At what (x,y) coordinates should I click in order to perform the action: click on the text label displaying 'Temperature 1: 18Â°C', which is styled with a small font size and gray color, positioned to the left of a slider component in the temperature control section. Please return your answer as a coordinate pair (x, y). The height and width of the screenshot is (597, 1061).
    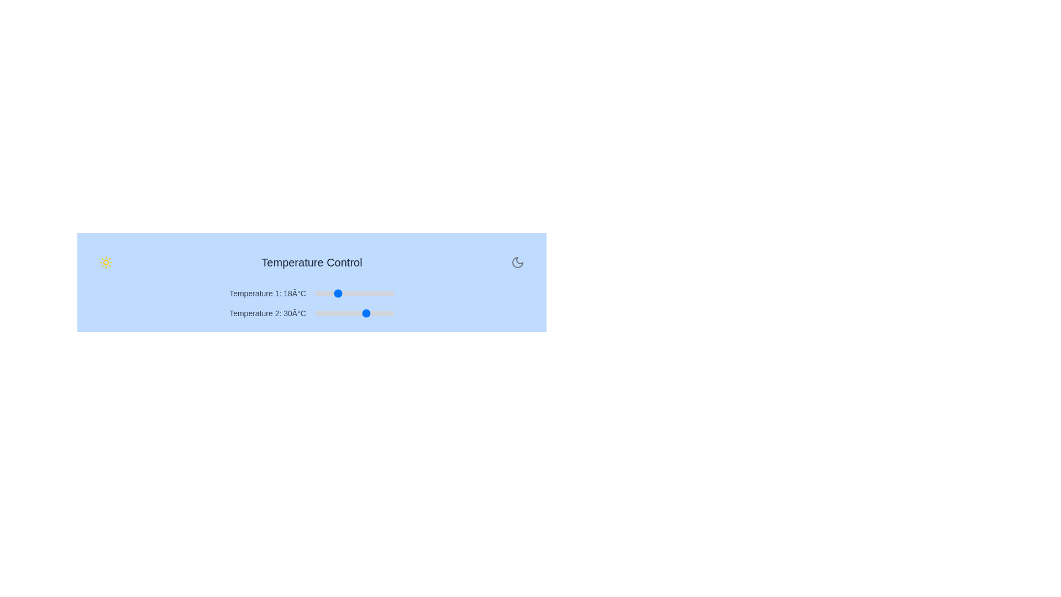
    Looking at the image, I should click on (267, 293).